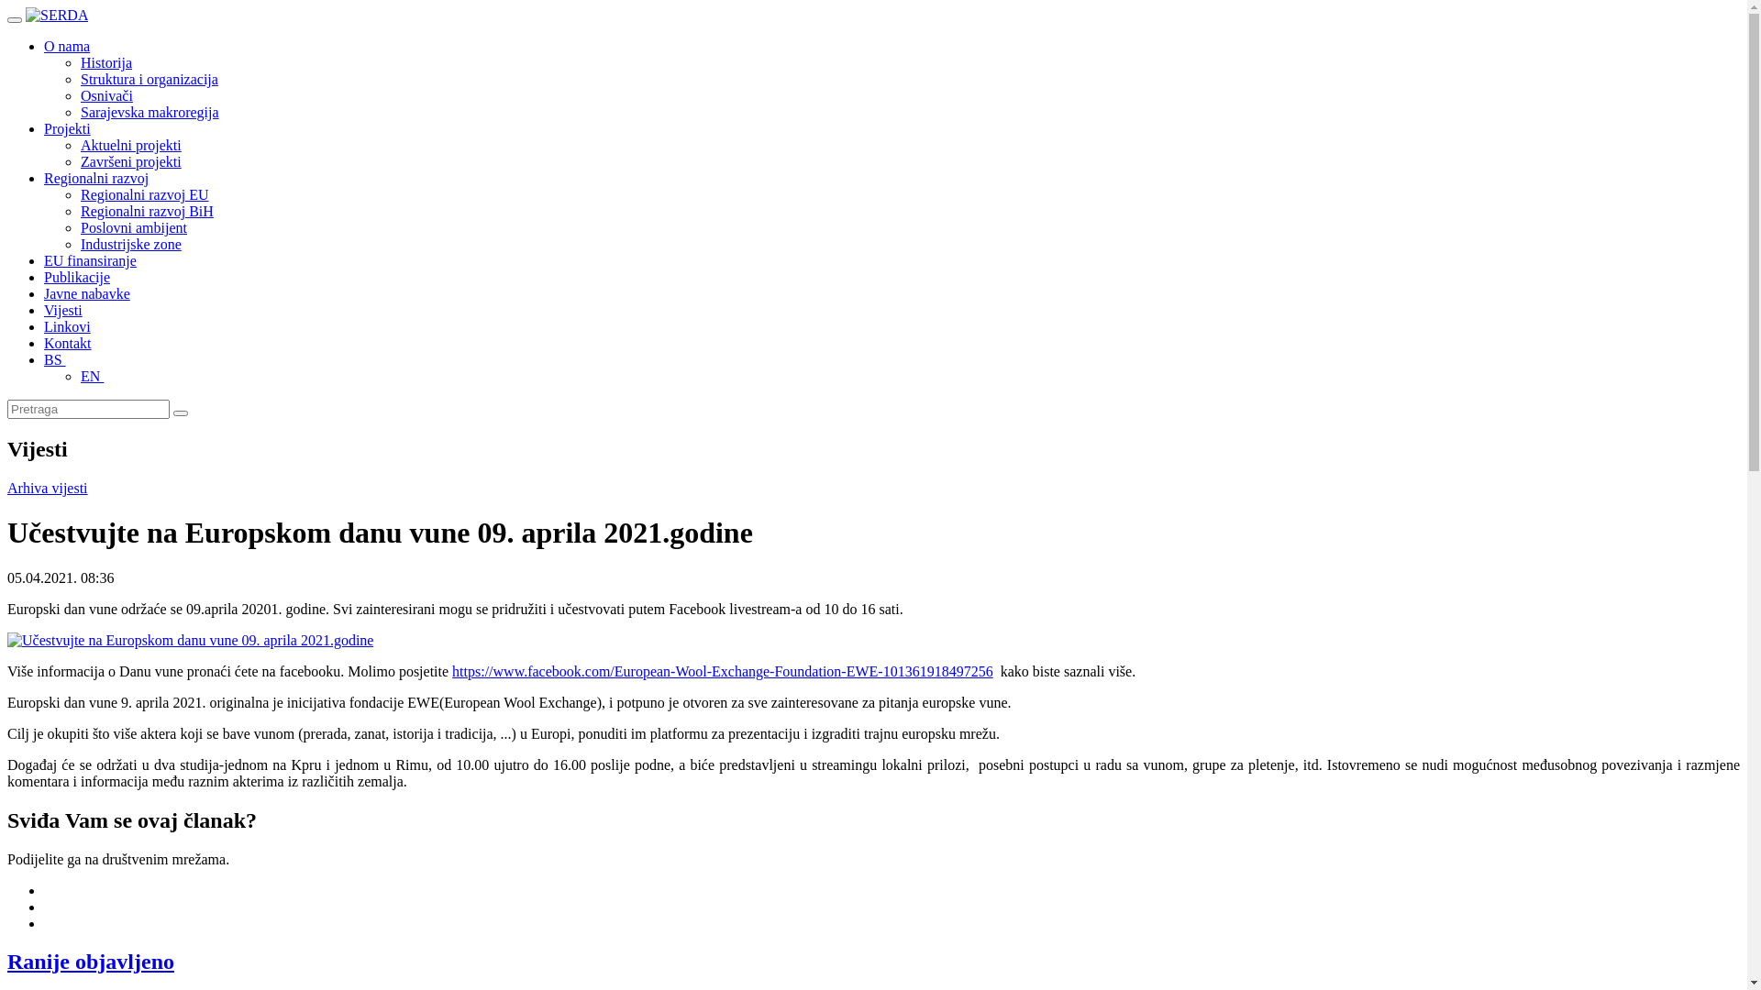 The height and width of the screenshot is (990, 1761). What do you see at coordinates (48, 487) in the screenshot?
I see `'Arhiva vijesti'` at bounding box center [48, 487].